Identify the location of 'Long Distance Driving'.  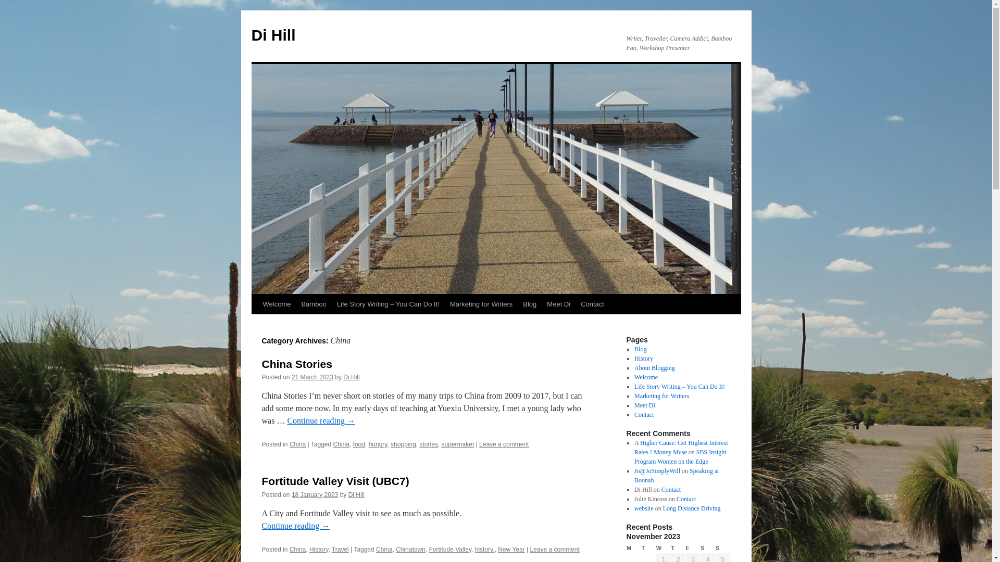
(692, 507).